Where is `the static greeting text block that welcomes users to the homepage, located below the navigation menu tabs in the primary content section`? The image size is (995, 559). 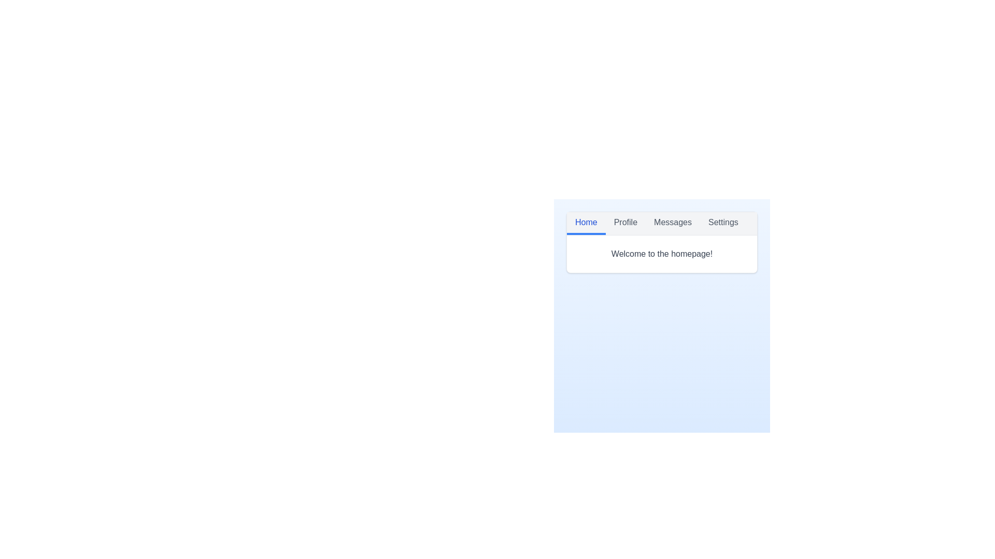 the static greeting text block that welcomes users to the homepage, located below the navigation menu tabs in the primary content section is located at coordinates (661, 254).